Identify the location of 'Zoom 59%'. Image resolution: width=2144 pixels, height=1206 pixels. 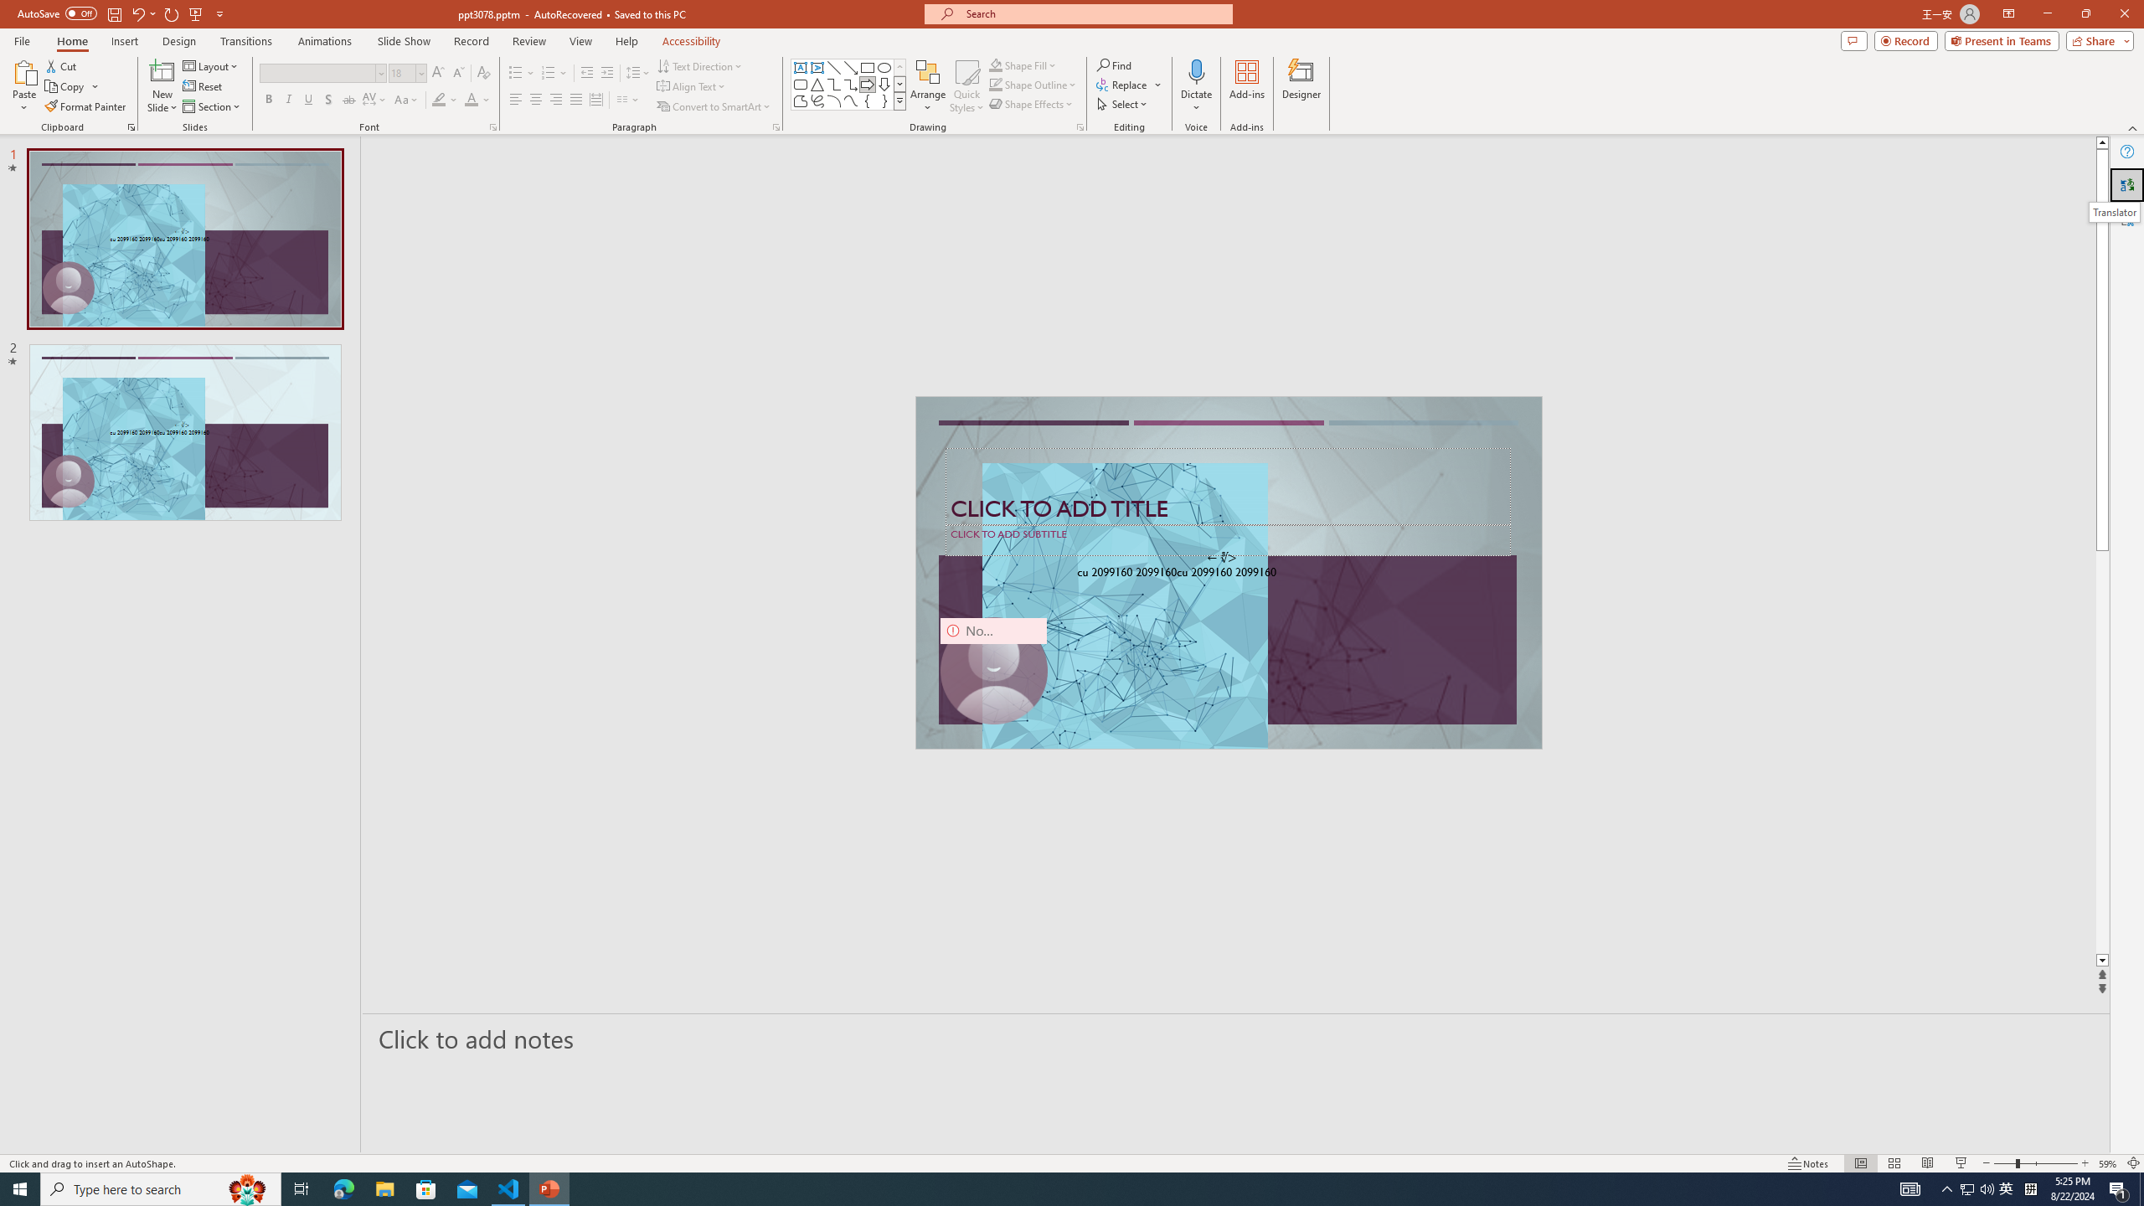
(2107, 1163).